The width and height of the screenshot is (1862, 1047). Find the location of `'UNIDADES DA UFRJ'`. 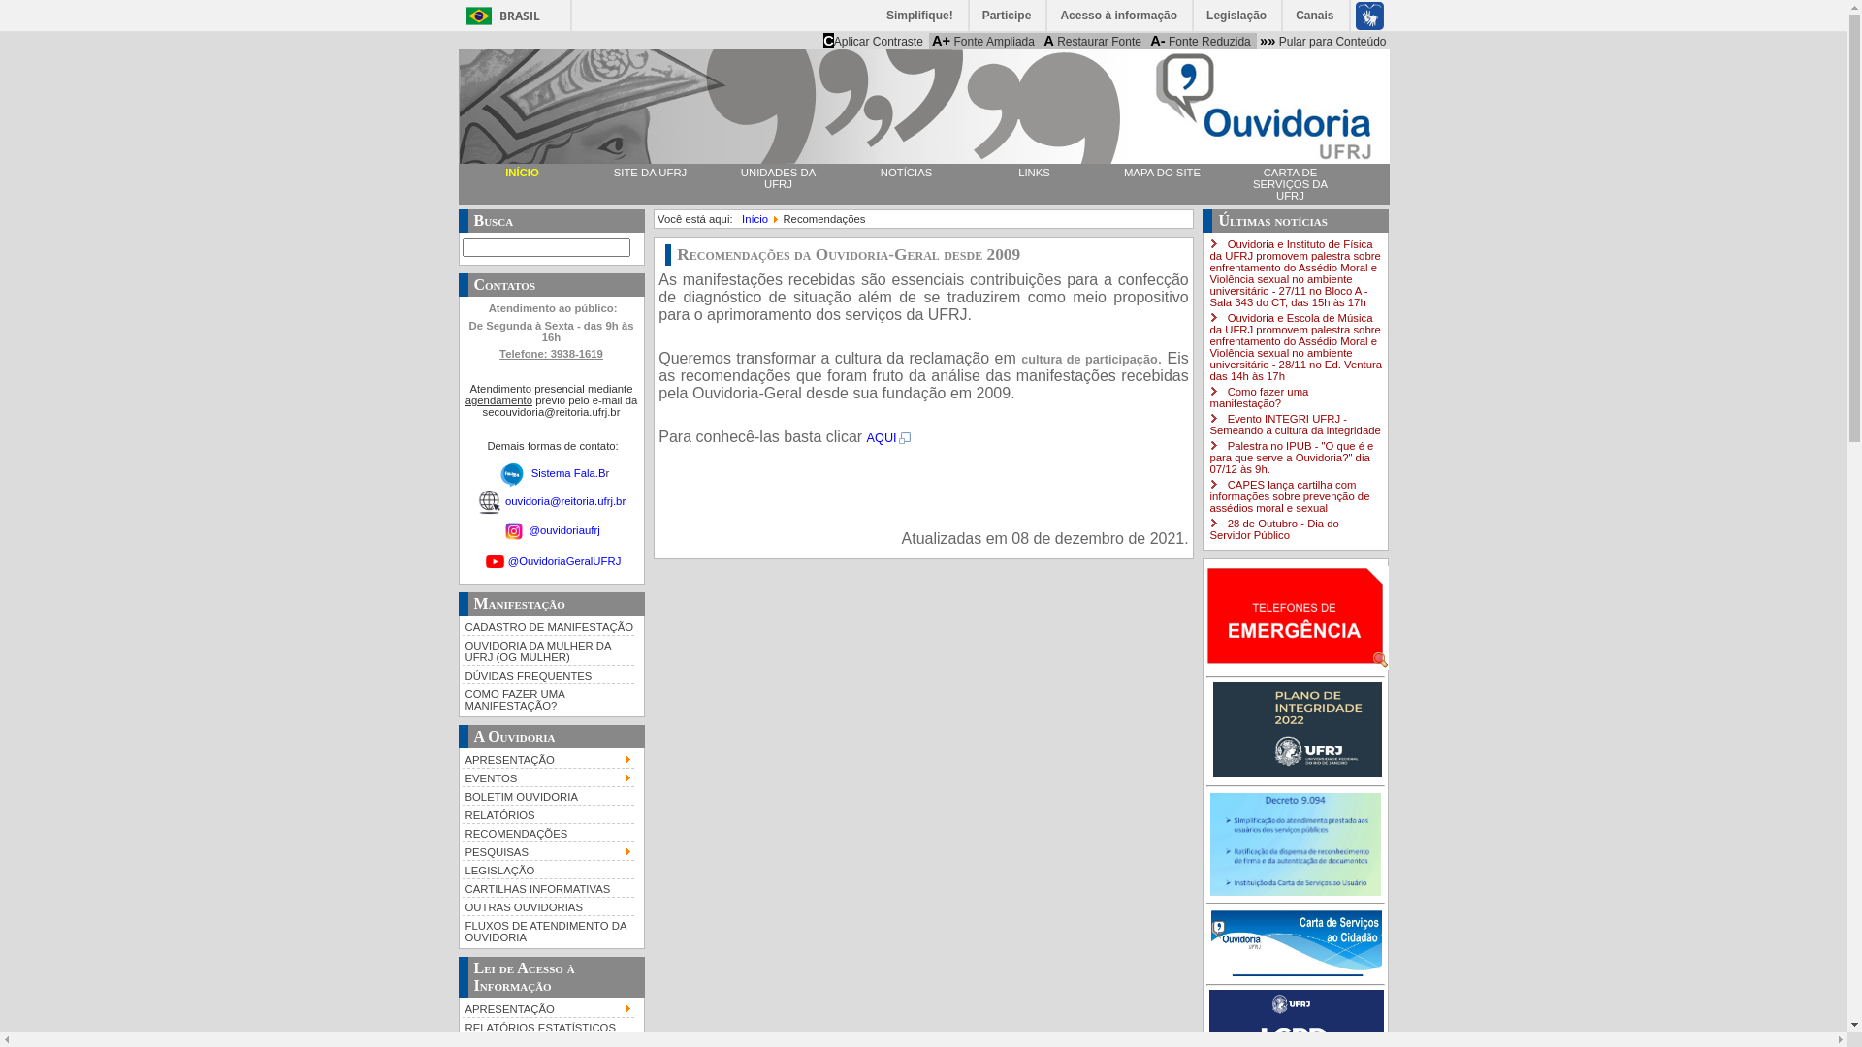

'UNIDADES DA UFRJ' is located at coordinates (777, 178).